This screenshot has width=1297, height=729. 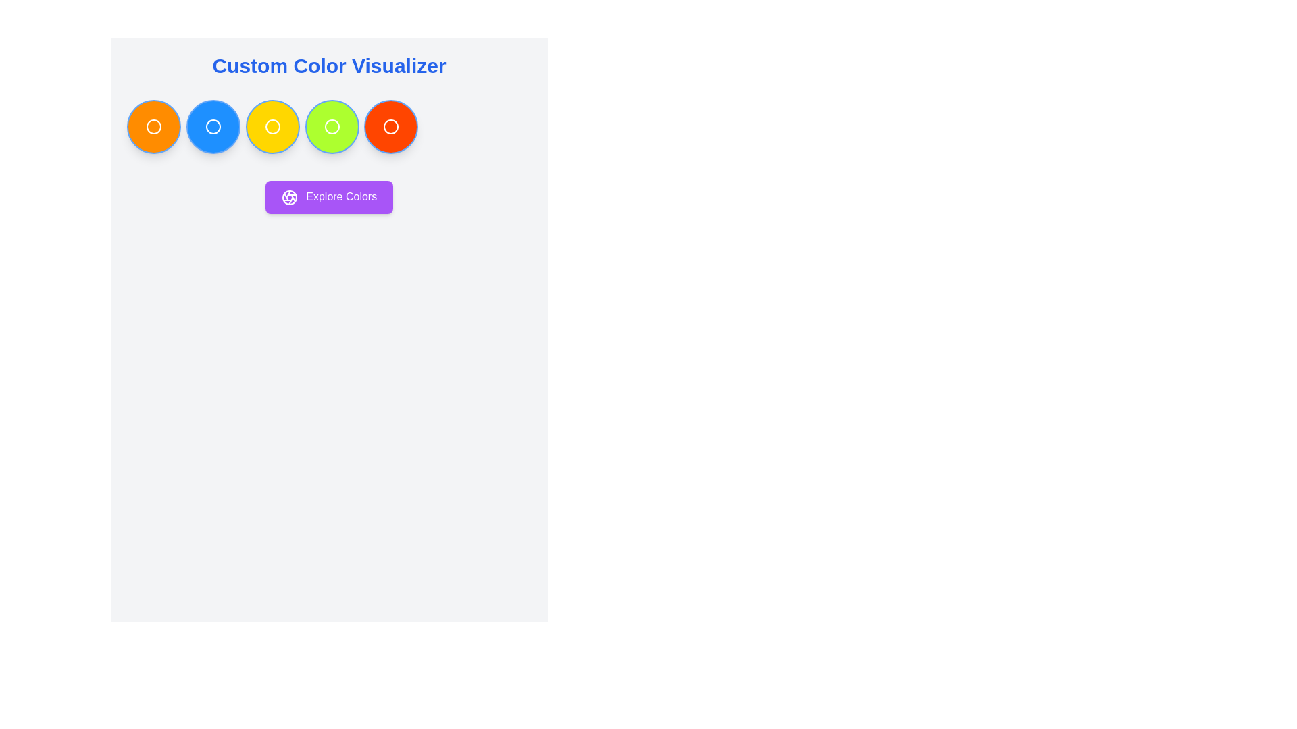 What do you see at coordinates (153, 127) in the screenshot?
I see `the decorative SVG circle located within the first orange circular icon, positioned at the top left of the interface near the heading 'Custom Color Visualizer'` at bounding box center [153, 127].